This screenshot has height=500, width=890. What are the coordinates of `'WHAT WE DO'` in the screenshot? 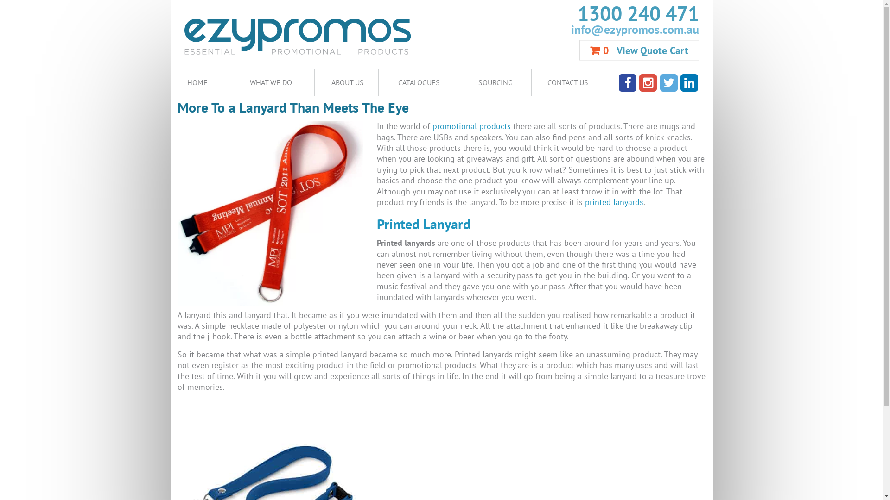 It's located at (269, 81).